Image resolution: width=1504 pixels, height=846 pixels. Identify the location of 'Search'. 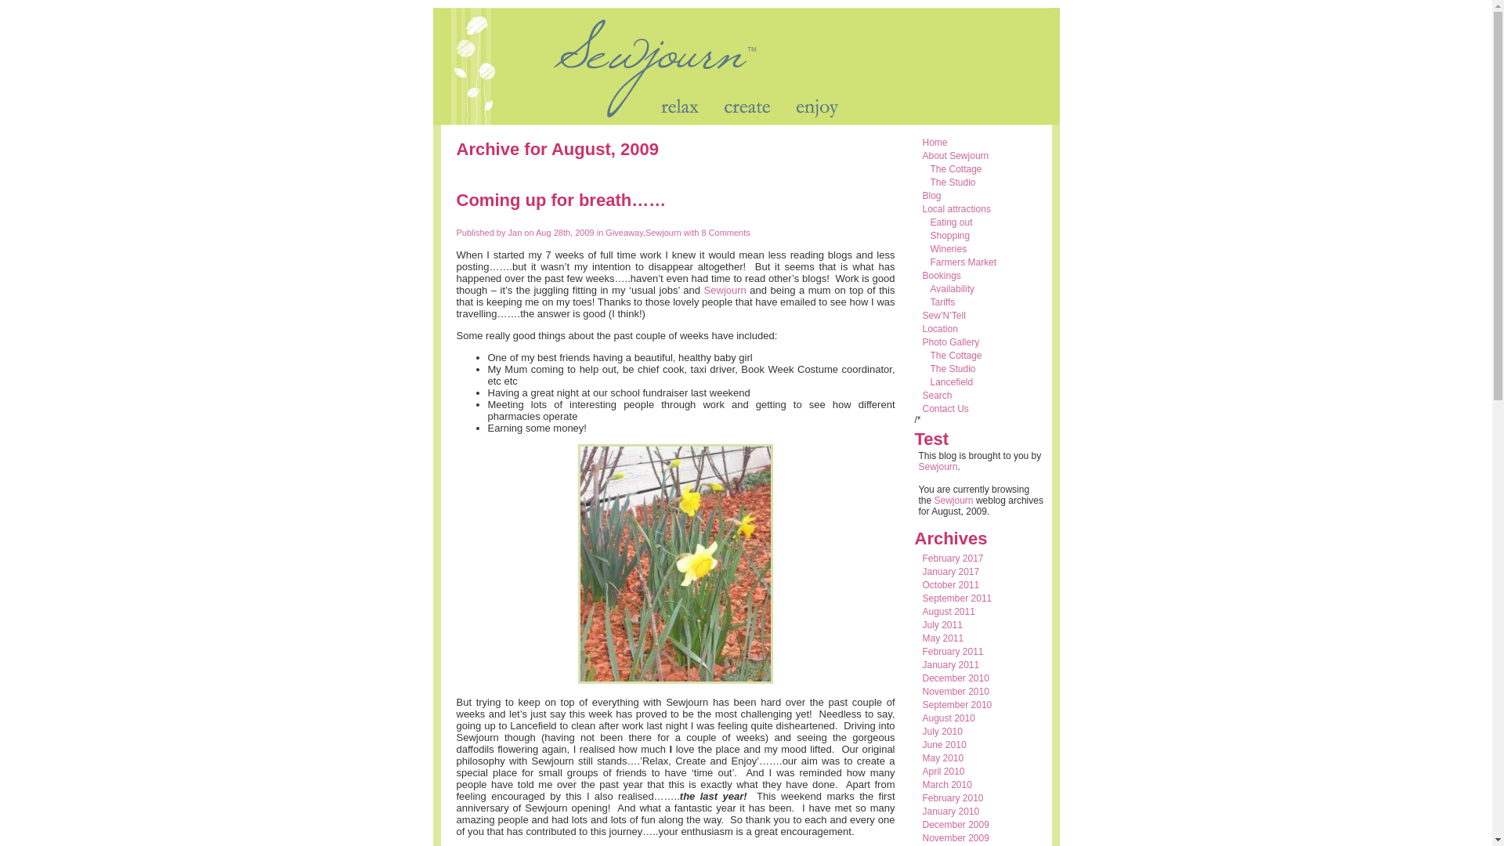
(937, 395).